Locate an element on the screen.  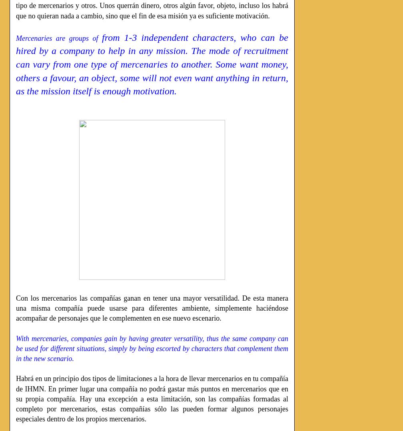
'even' is located at coordinates (174, 78).